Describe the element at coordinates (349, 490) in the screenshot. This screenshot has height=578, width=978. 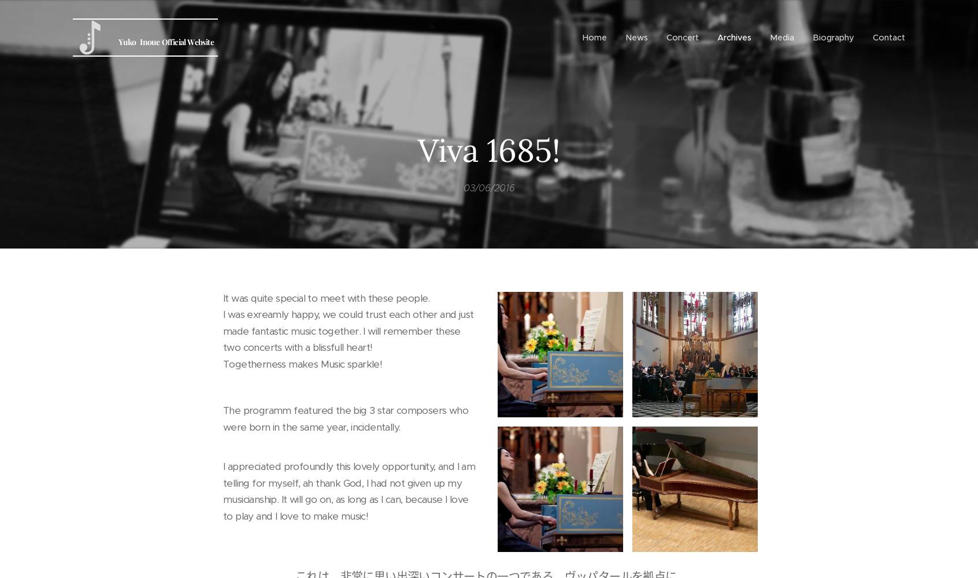
I see `'I appreciated profoundly this lovely opportunity, and I am telling for myself, ah thank God, I had not given up my musicianship. It will go on, as long as I can, because I love to play and I love to make music!'` at that location.